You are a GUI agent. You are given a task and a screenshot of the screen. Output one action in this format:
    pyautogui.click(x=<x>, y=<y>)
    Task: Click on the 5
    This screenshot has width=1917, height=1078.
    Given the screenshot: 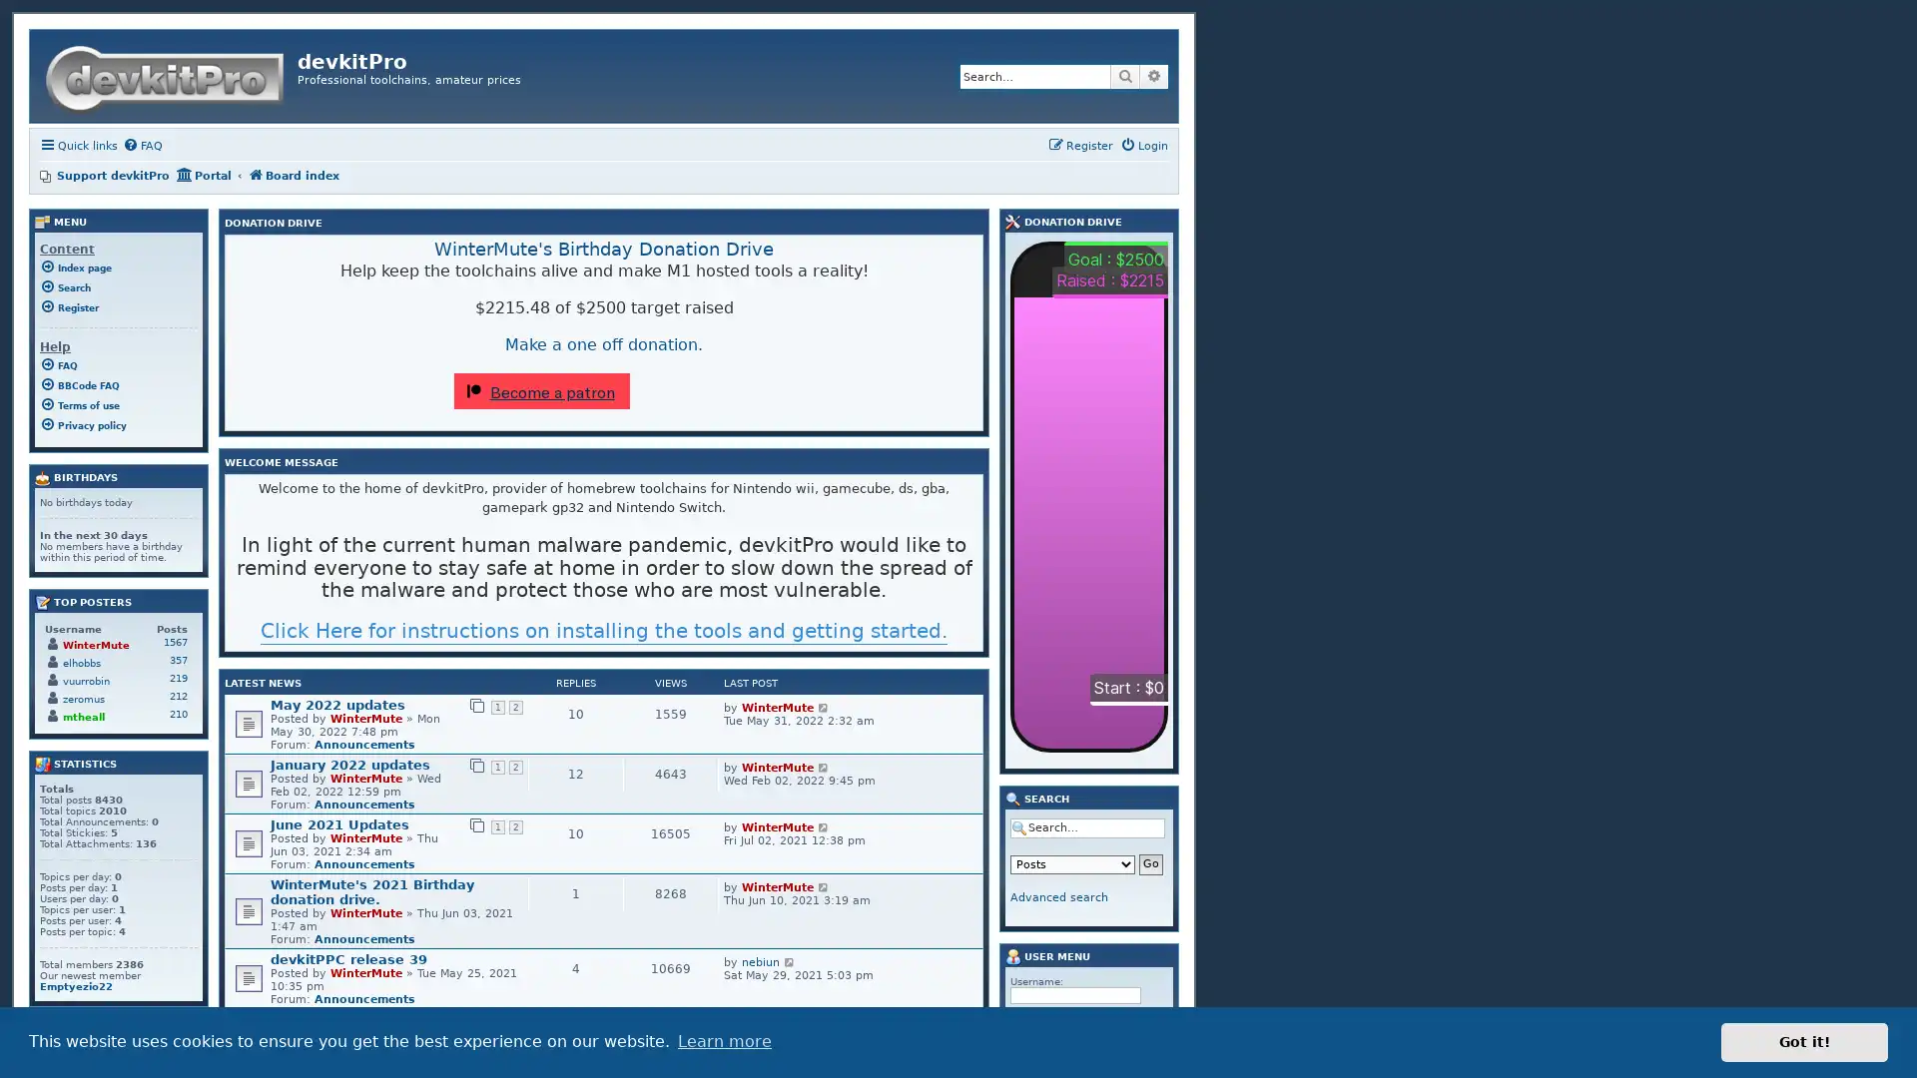 What is the action you would take?
    pyautogui.click(x=932, y=1019)
    